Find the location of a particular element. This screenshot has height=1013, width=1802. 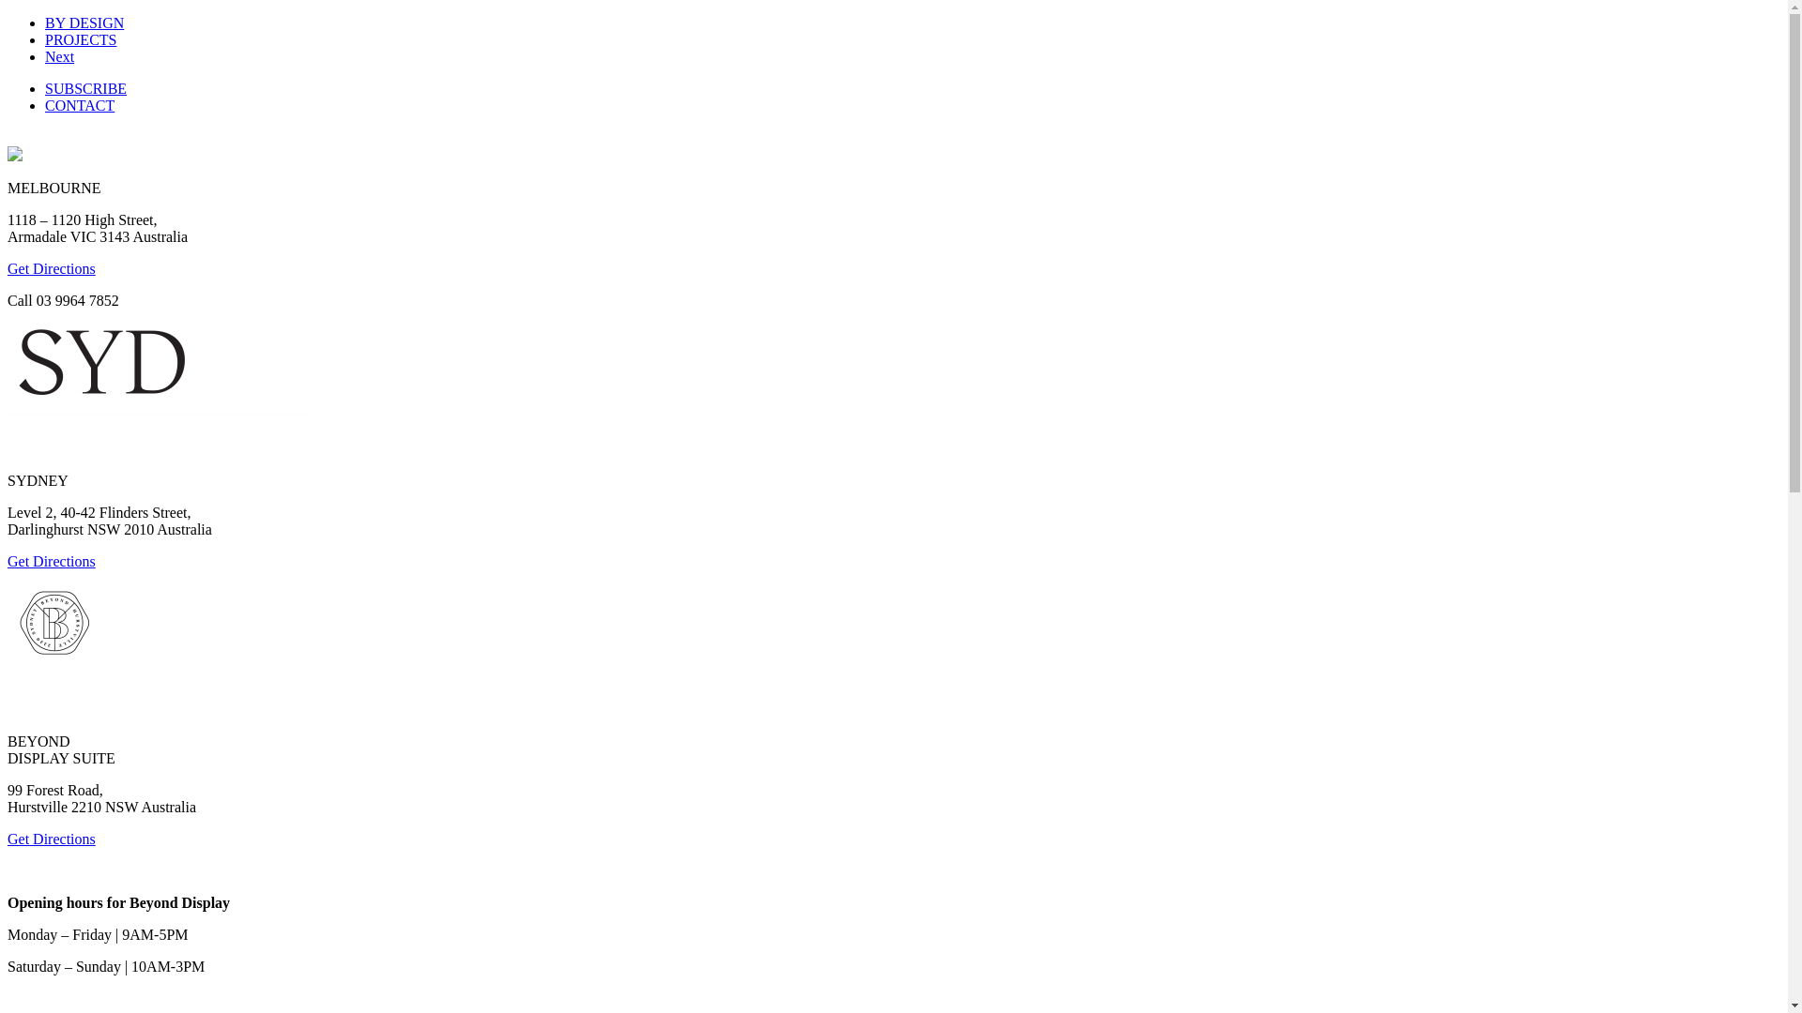

'BY DESIGN' is located at coordinates (45, 23).